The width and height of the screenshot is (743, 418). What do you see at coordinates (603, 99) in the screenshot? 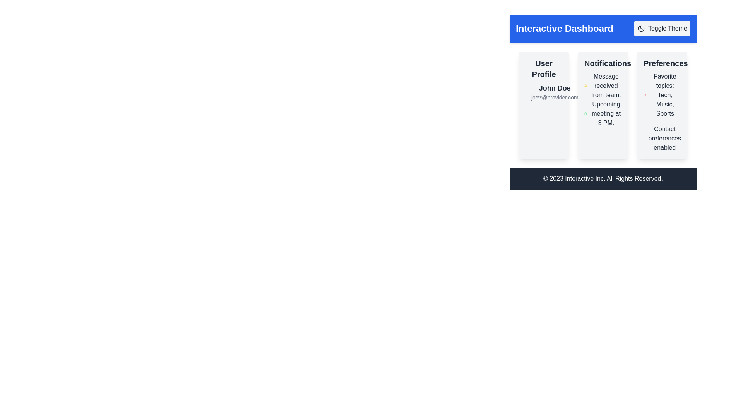
I see `the text block within the notification component that displays 'Message received from team.' and 'Upcoming meeting at 3 PM.'` at bounding box center [603, 99].